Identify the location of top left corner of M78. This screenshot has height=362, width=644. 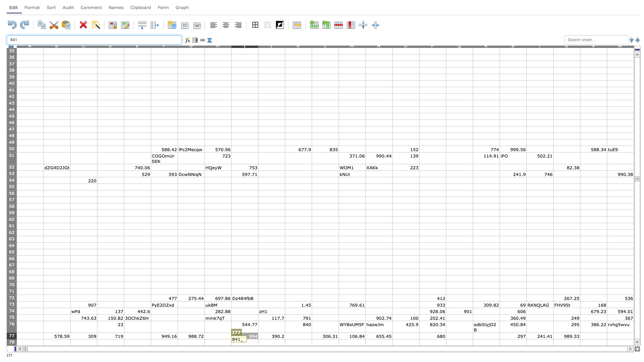
(338, 339).